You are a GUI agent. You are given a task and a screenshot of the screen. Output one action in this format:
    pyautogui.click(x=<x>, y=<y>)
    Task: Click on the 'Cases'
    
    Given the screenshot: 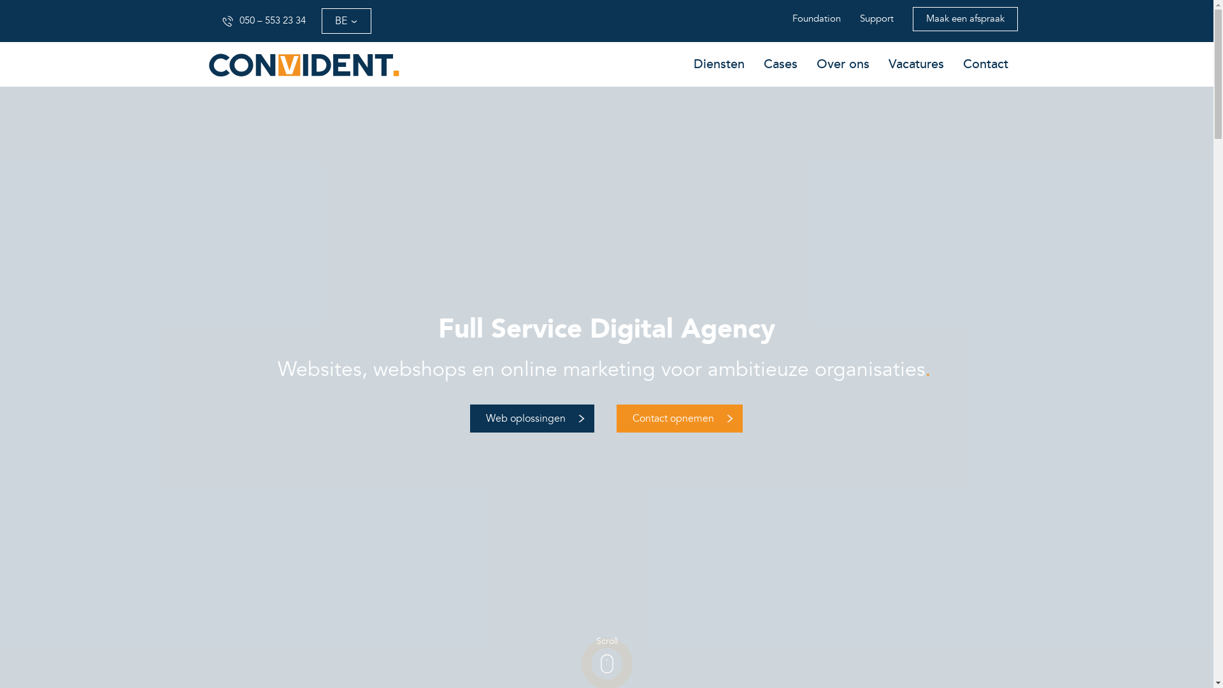 What is the action you would take?
    pyautogui.click(x=780, y=64)
    